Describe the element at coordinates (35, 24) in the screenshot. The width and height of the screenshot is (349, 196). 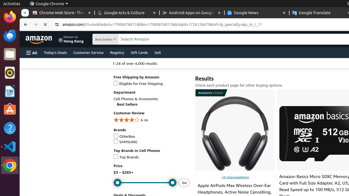
I see `'Forward'` at that location.